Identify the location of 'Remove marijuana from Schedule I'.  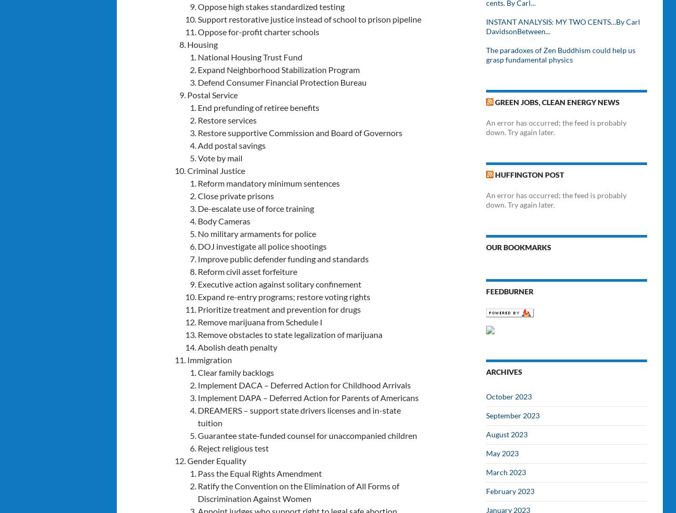
(197, 321).